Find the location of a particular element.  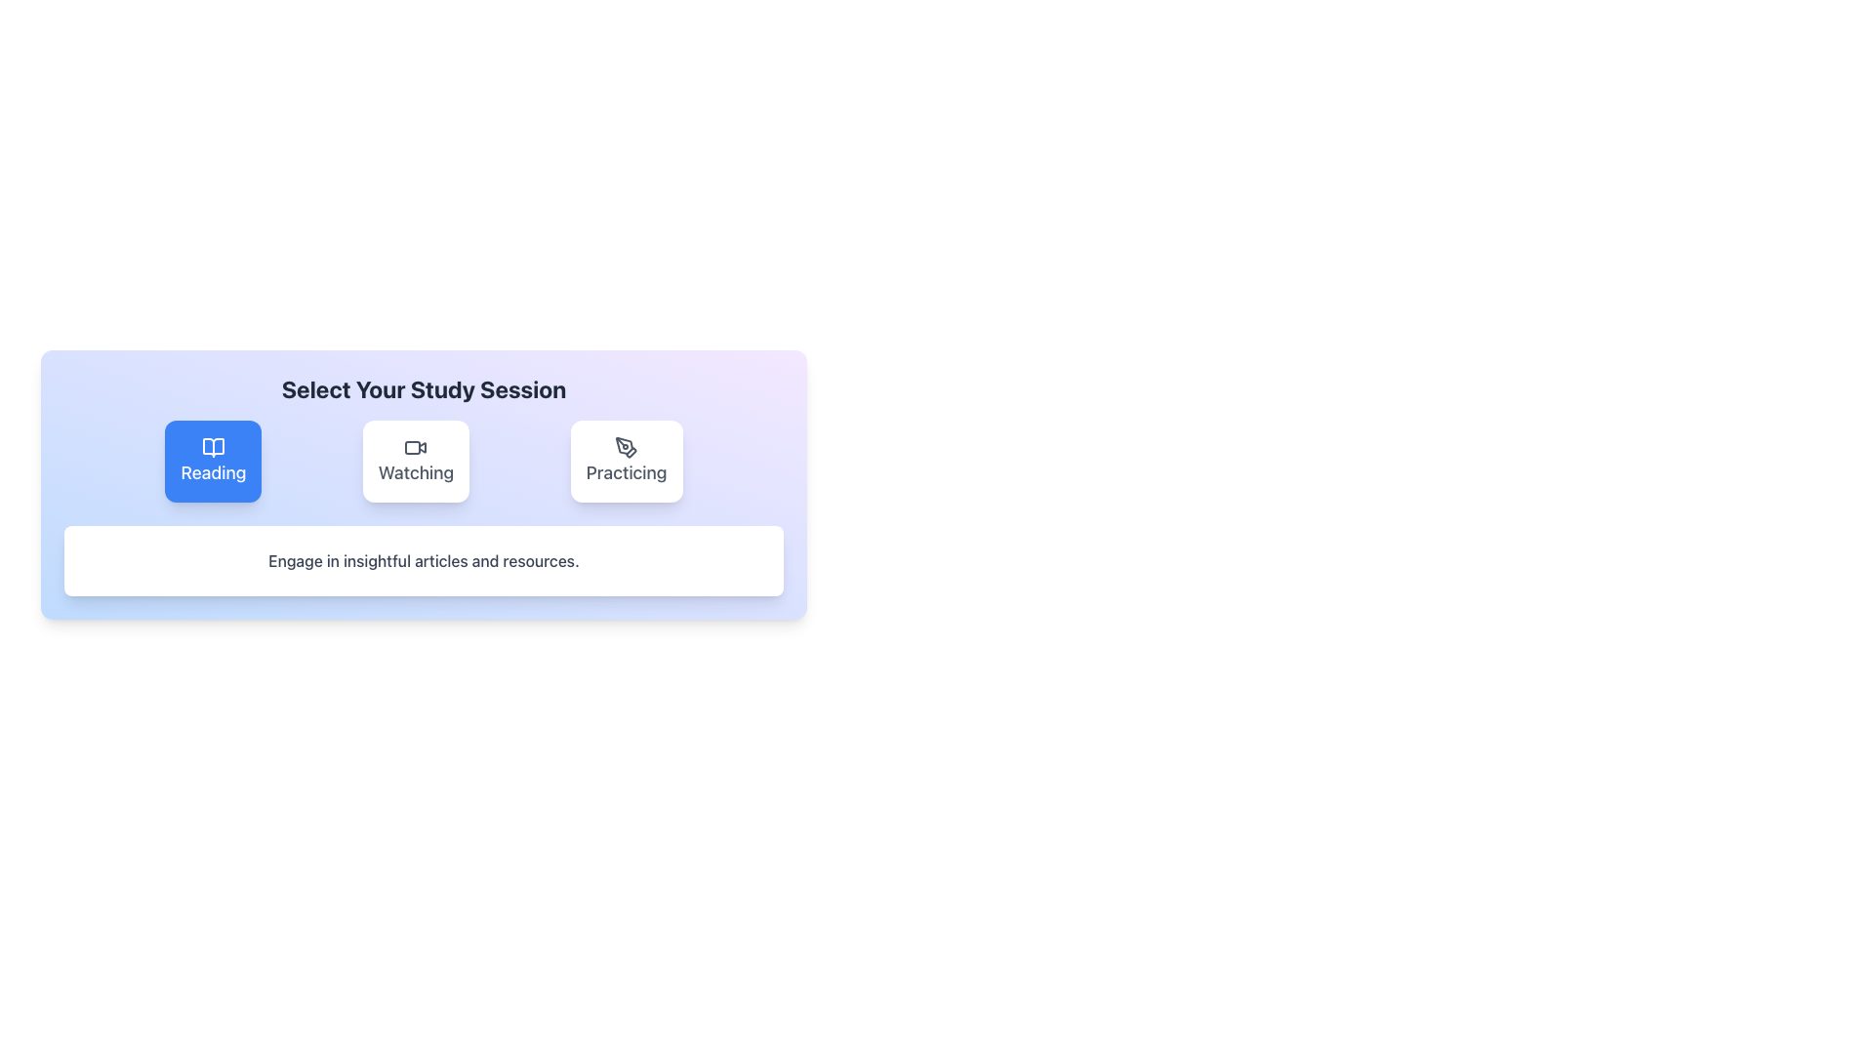

the 'Watching' button, which is the second button in a row of three, featuring a video camera icon and the text 'Watching' is located at coordinates (415, 462).